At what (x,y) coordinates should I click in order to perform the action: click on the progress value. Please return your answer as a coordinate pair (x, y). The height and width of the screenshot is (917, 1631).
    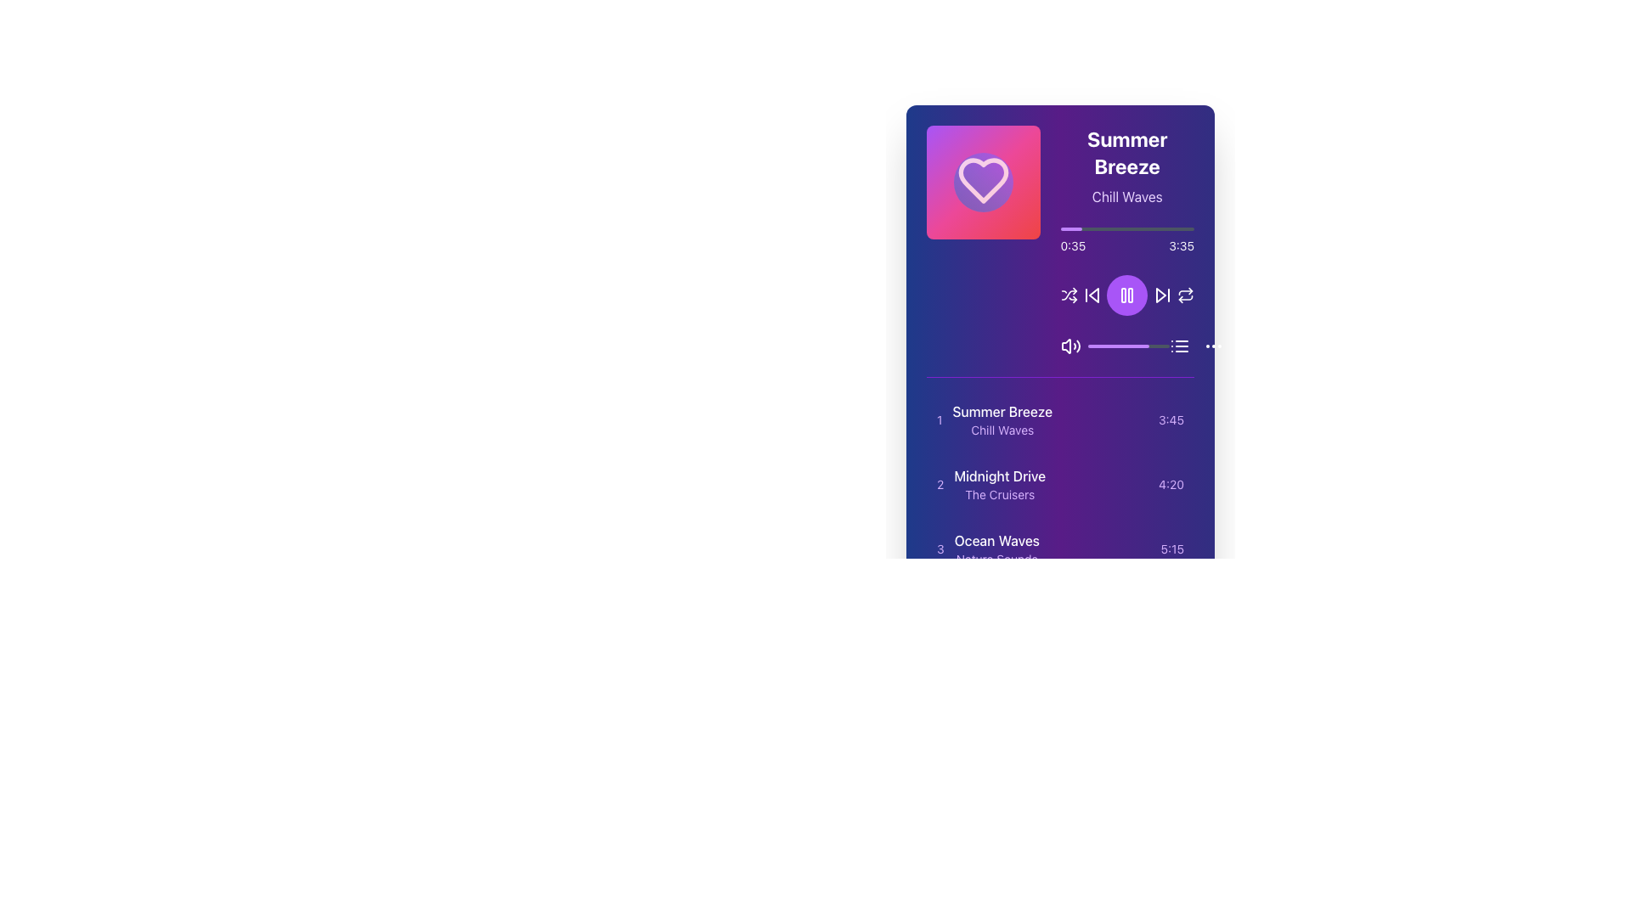
    Looking at the image, I should click on (1129, 346).